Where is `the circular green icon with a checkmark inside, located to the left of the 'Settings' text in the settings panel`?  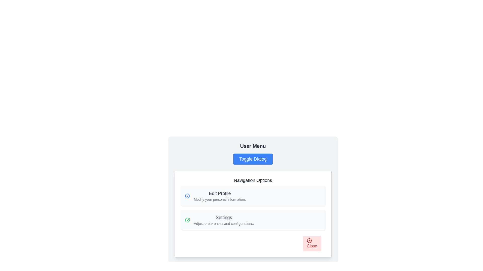 the circular green icon with a checkmark inside, located to the left of the 'Settings' text in the settings panel is located at coordinates (187, 220).